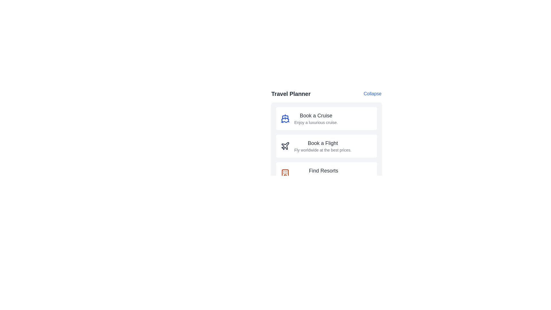 The height and width of the screenshot is (310, 551). I want to click on the descriptive text 'Enjoy a luxurious cruise.', so click(316, 122).